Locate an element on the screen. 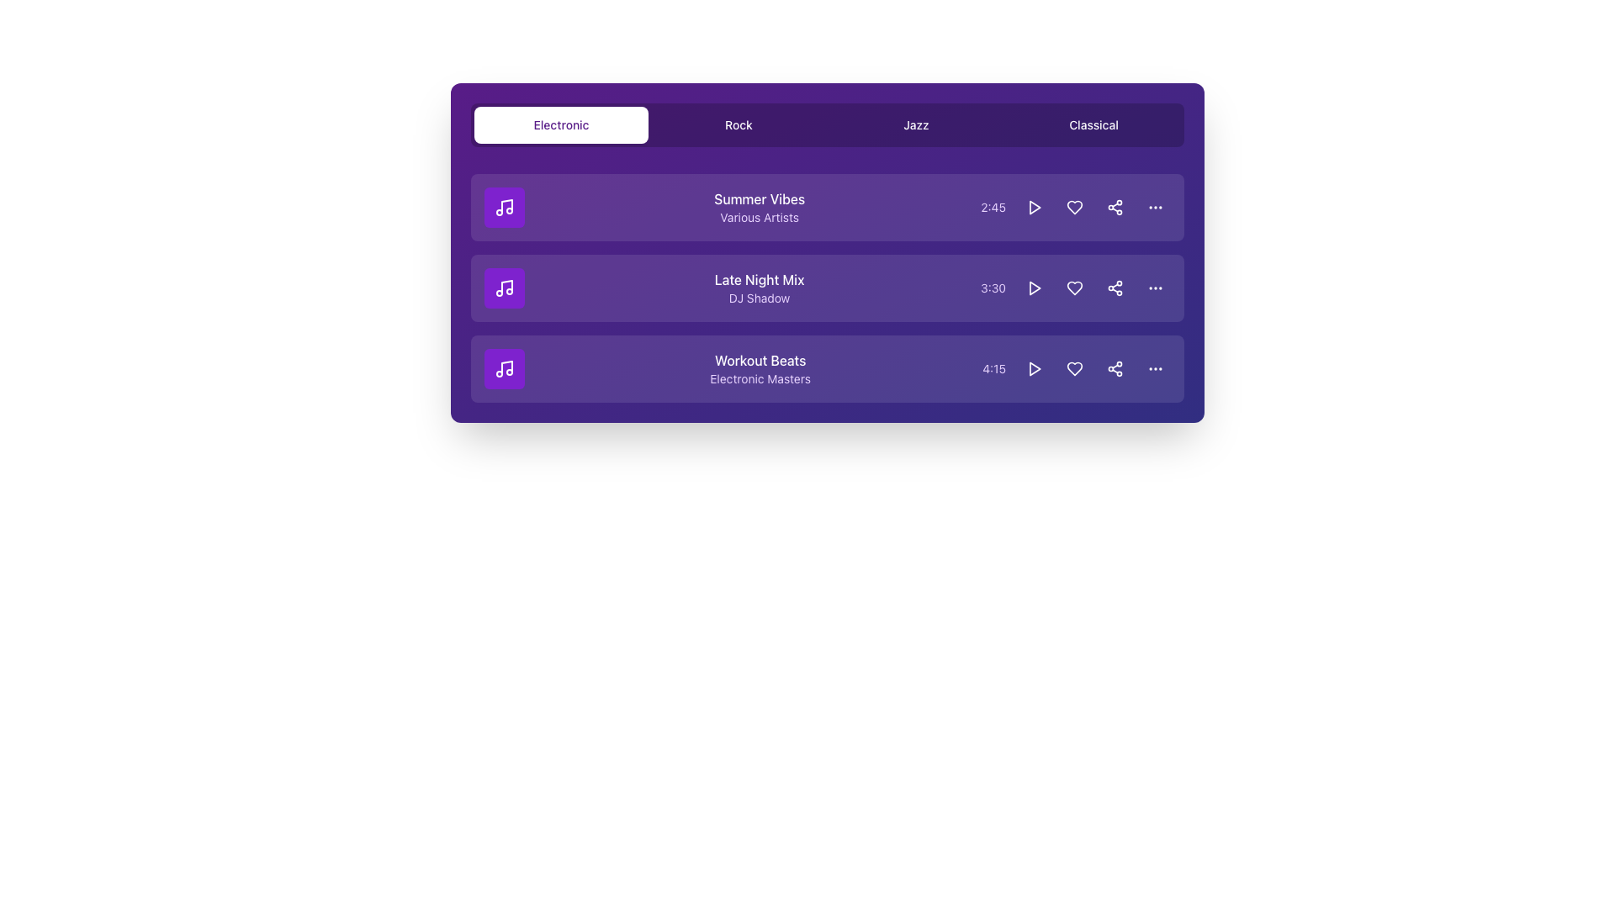 The image size is (1615, 908). the ellipsis button consisting of three horizontally aligned dots on a purple background, located at the far right of the 'Workout Beats' list entry is located at coordinates (1154, 206).